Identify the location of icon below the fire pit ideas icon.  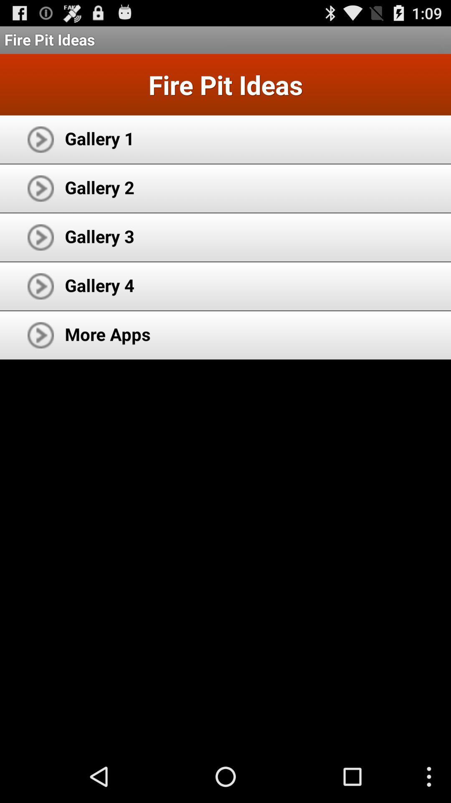
(99, 138).